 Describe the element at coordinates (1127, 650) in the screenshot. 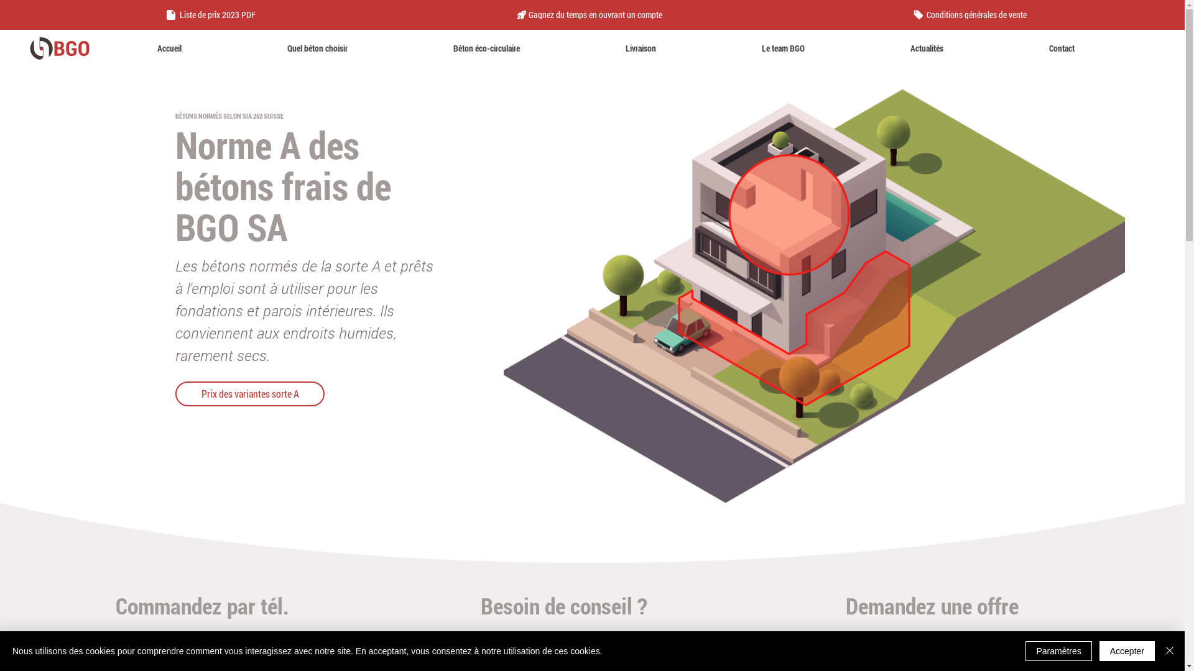

I see `'Accepter'` at that location.